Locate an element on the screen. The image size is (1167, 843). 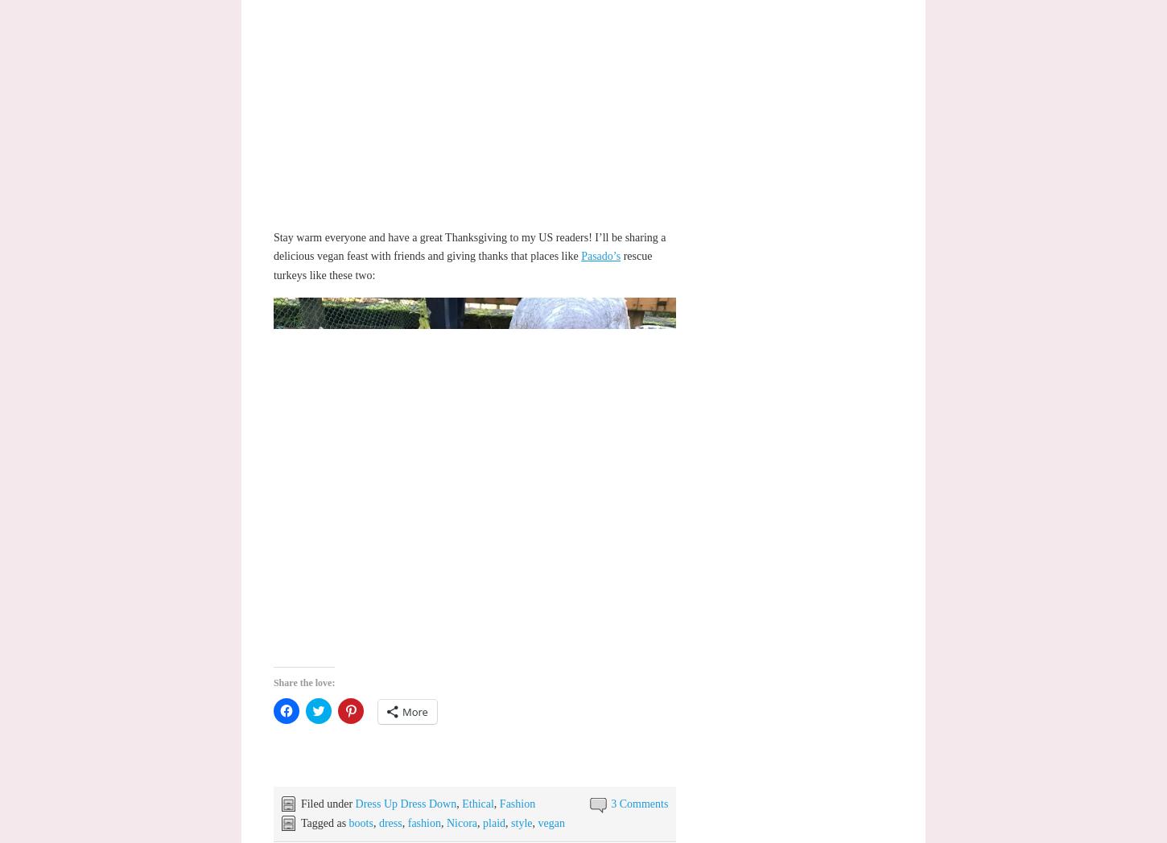
'fashion' is located at coordinates (423, 823).